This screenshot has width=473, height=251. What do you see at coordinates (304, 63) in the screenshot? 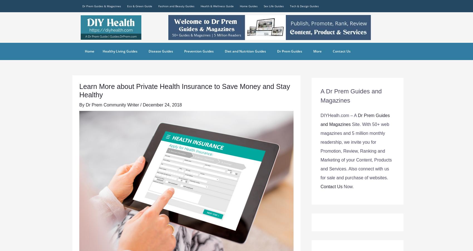
I see `'InstaMedia.com'` at bounding box center [304, 63].